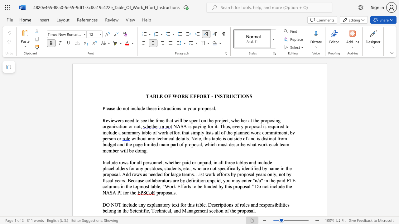 This screenshot has height=224, width=399. Describe the element at coordinates (172, 192) in the screenshot. I see `the subset text "ls." within the text "proposals."` at that location.